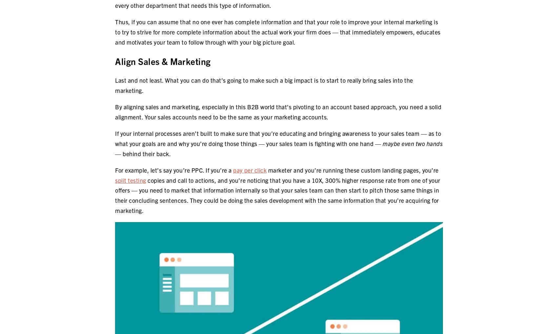 The height and width of the screenshot is (334, 558). Describe the element at coordinates (115, 179) in the screenshot. I see `'split testing'` at that location.